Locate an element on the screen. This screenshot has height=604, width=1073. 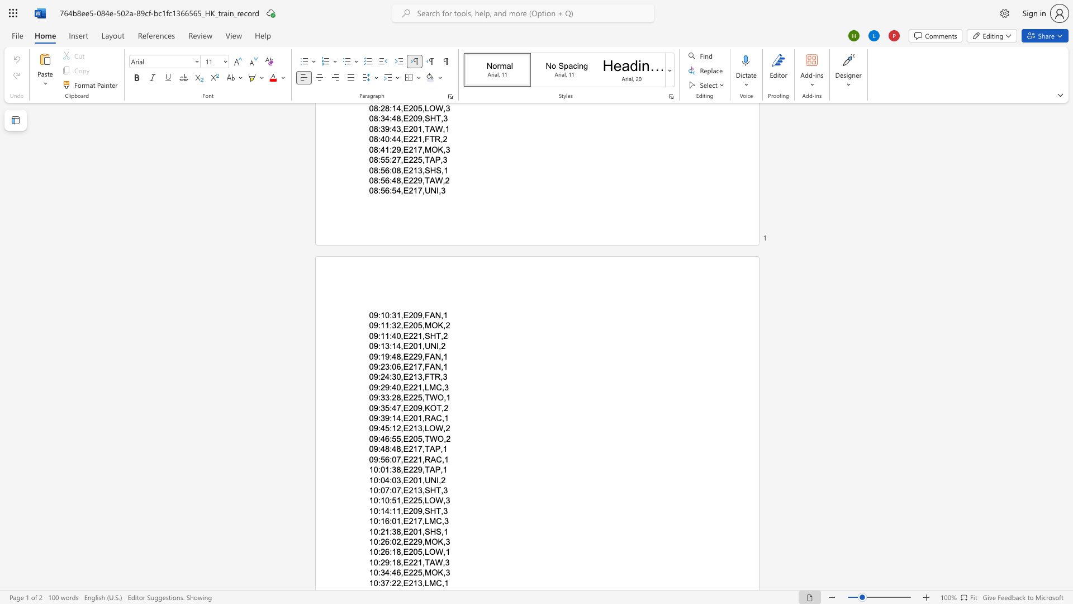
the subset text "25" within the text "09:33:28,E225,TWO,1" is located at coordinates (412, 397).